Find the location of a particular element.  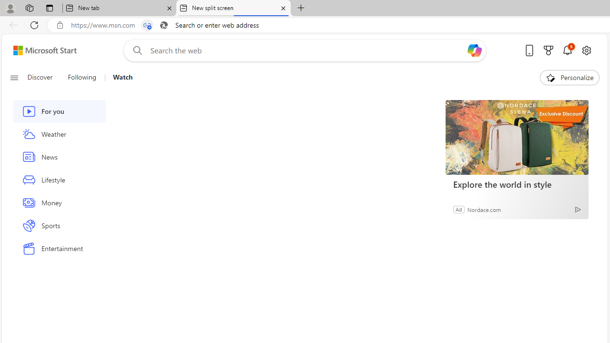

'Microsoft rewards' is located at coordinates (549, 50).